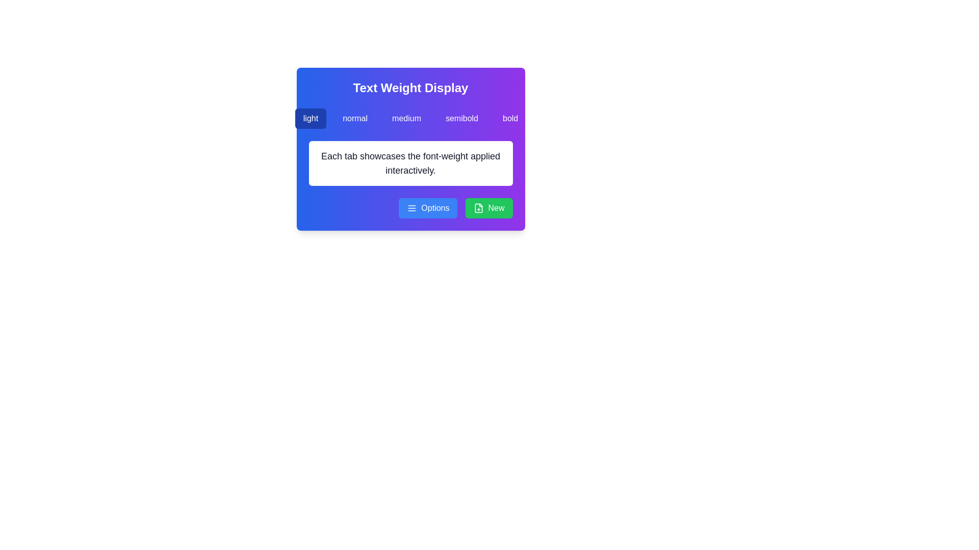  Describe the element at coordinates (412, 207) in the screenshot. I see `the hamburger menu icon located to the left of the 'Options' text in the blue button` at that location.